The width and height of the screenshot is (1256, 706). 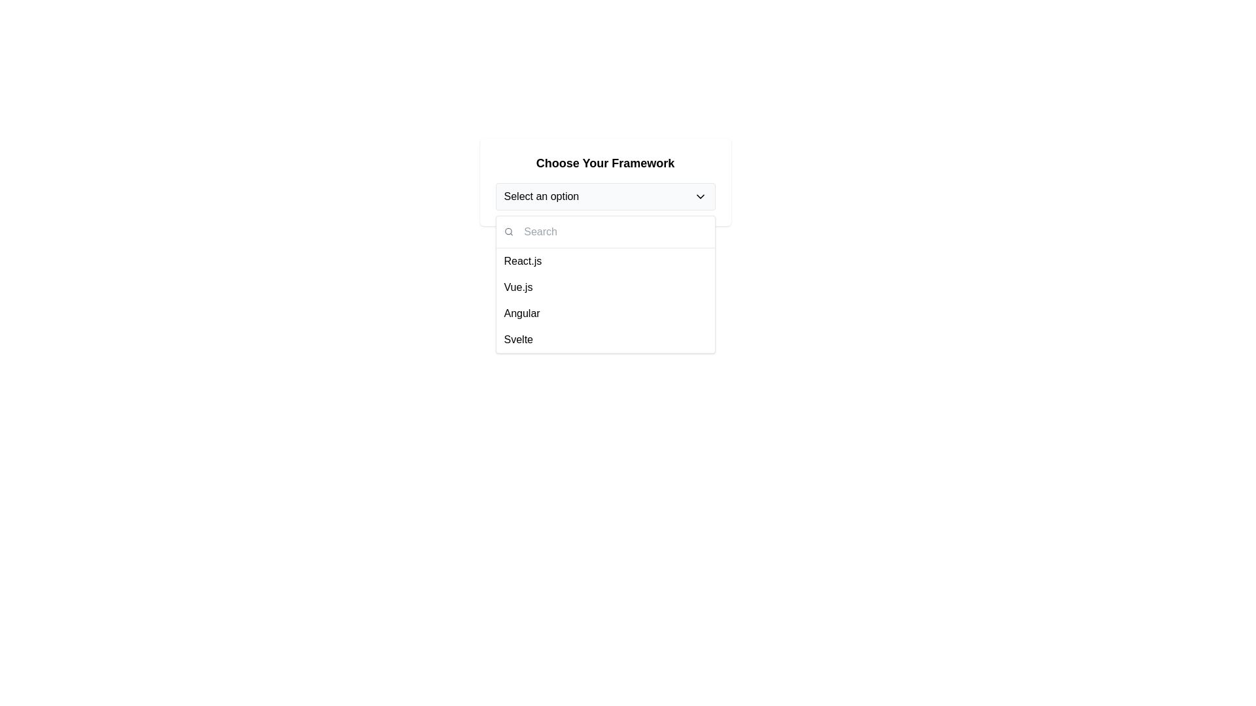 What do you see at coordinates (699, 196) in the screenshot?
I see `the downward-facing chevron icon of the dropdown menu` at bounding box center [699, 196].